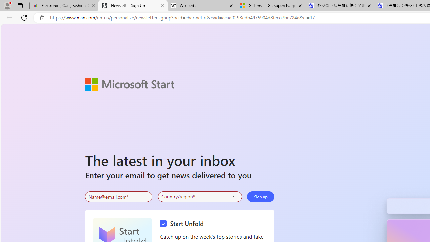 This screenshot has height=242, width=430. I want to click on 'Sign up', so click(260, 197).